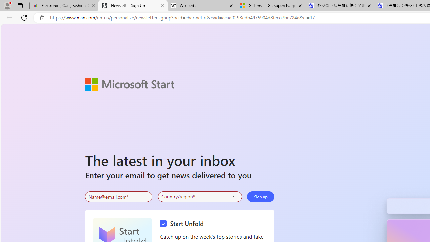 This screenshot has height=242, width=430. I want to click on 'Sign up', so click(260, 197).